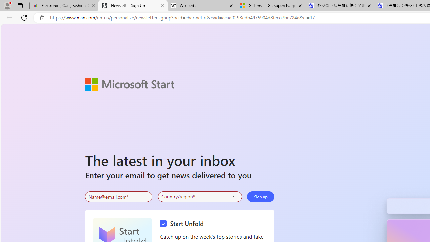 This screenshot has height=242, width=430. I want to click on 'Sign up', so click(260, 197).